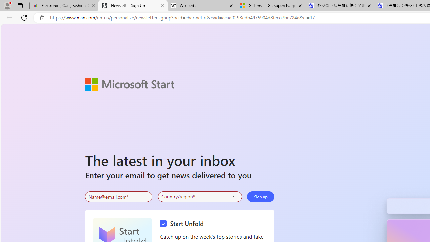 This screenshot has height=242, width=430. I want to click on 'Sign up', so click(260, 197).